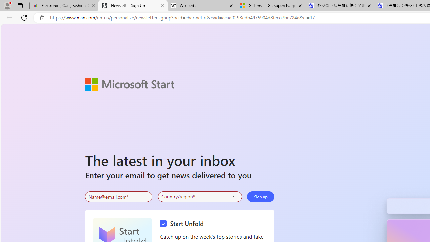 This screenshot has height=242, width=430. I want to click on 'Sign up', so click(260, 197).